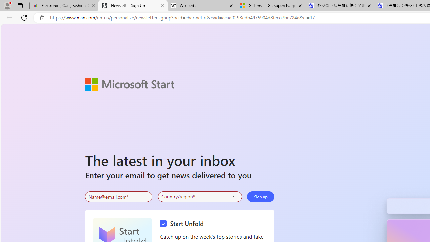 This screenshot has height=242, width=430. I want to click on 'Sign up', so click(260, 197).